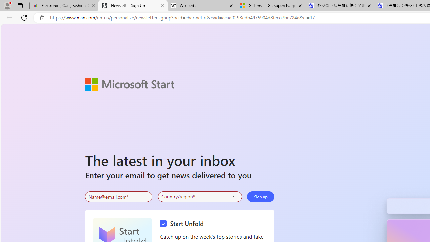 This screenshot has height=242, width=430. I want to click on 'Sign up', so click(260, 197).